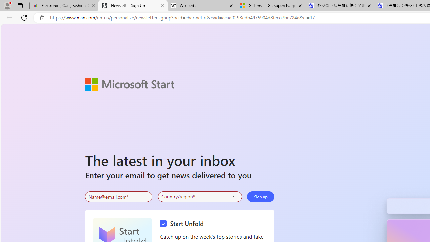 This screenshot has height=242, width=430. I want to click on 'Sign up', so click(260, 197).